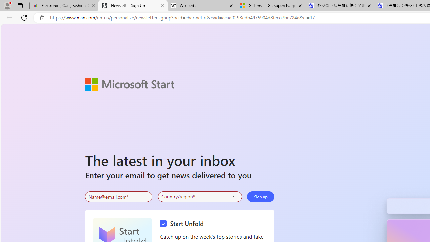 This screenshot has height=242, width=430. I want to click on 'Sign up', so click(260, 197).